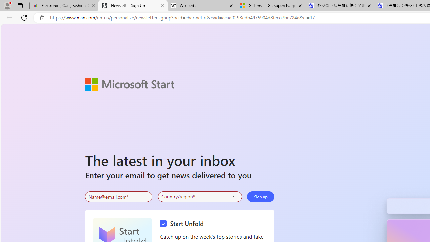 This screenshot has height=242, width=430. I want to click on 'Sign up', so click(260, 197).